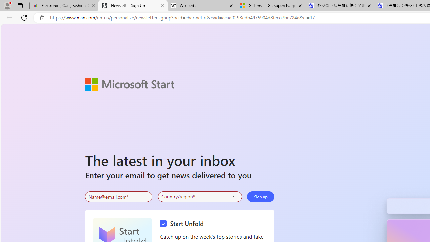 This screenshot has height=242, width=430. I want to click on 'Sign up', so click(260, 197).